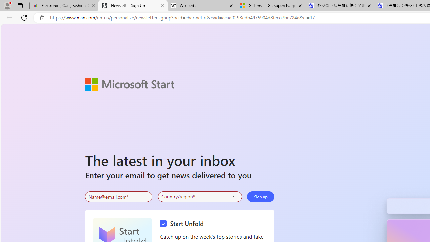 This screenshot has height=242, width=430. I want to click on 'Sign up', so click(260, 197).